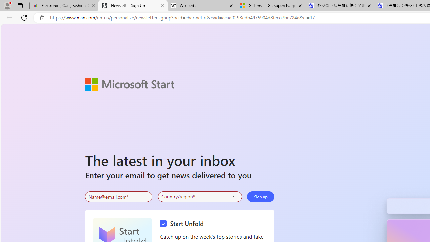 This screenshot has height=242, width=430. I want to click on 'Sign up', so click(260, 197).